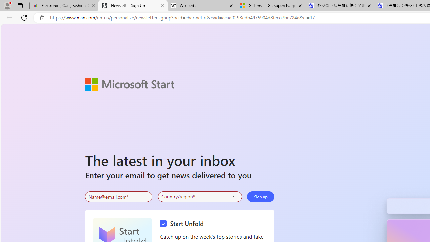 This screenshot has height=242, width=430. I want to click on 'Sign up', so click(260, 197).